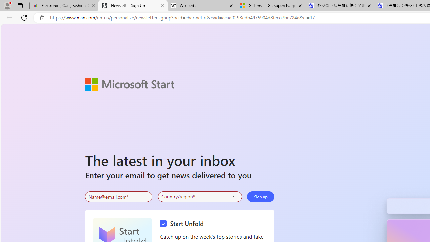 This screenshot has height=242, width=430. I want to click on 'Sign up', so click(260, 197).